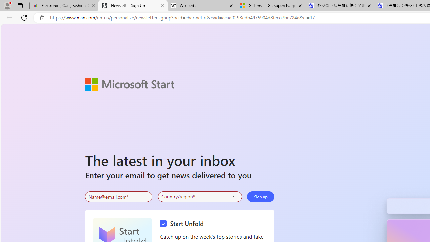 This screenshot has height=242, width=430. I want to click on 'Sign up', so click(260, 197).